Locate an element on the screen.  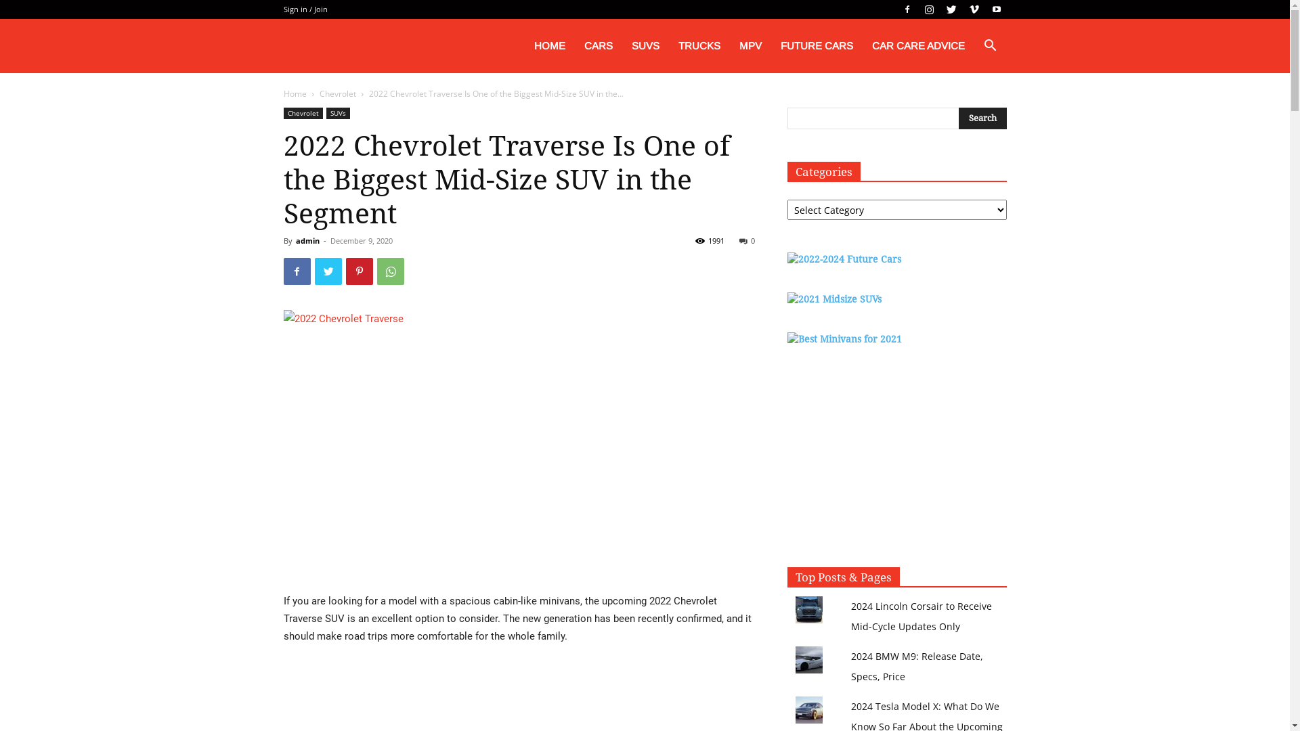
'Instagram' is located at coordinates (928, 9).